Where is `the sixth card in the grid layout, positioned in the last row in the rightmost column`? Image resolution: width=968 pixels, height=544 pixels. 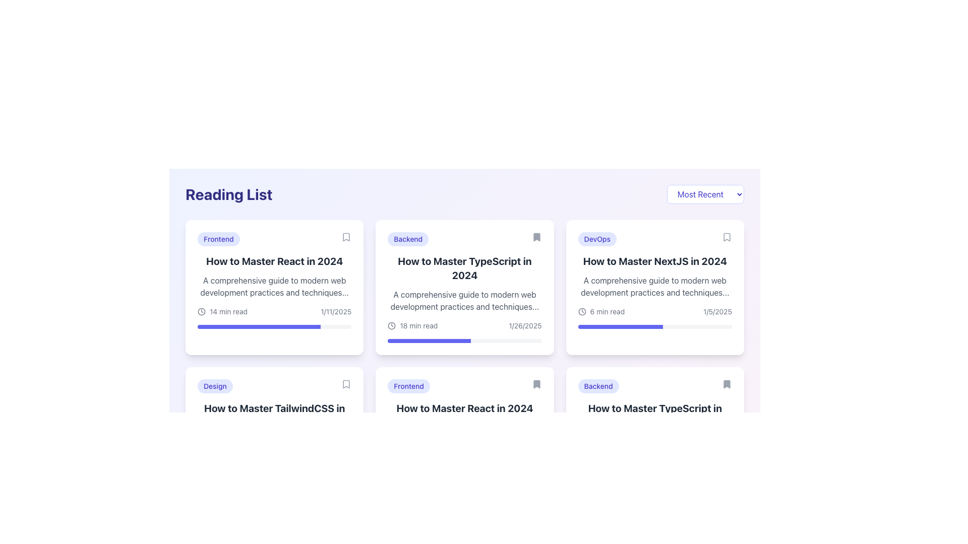 the sixth card in the grid layout, positioned in the last row in the rightmost column is located at coordinates (655, 434).